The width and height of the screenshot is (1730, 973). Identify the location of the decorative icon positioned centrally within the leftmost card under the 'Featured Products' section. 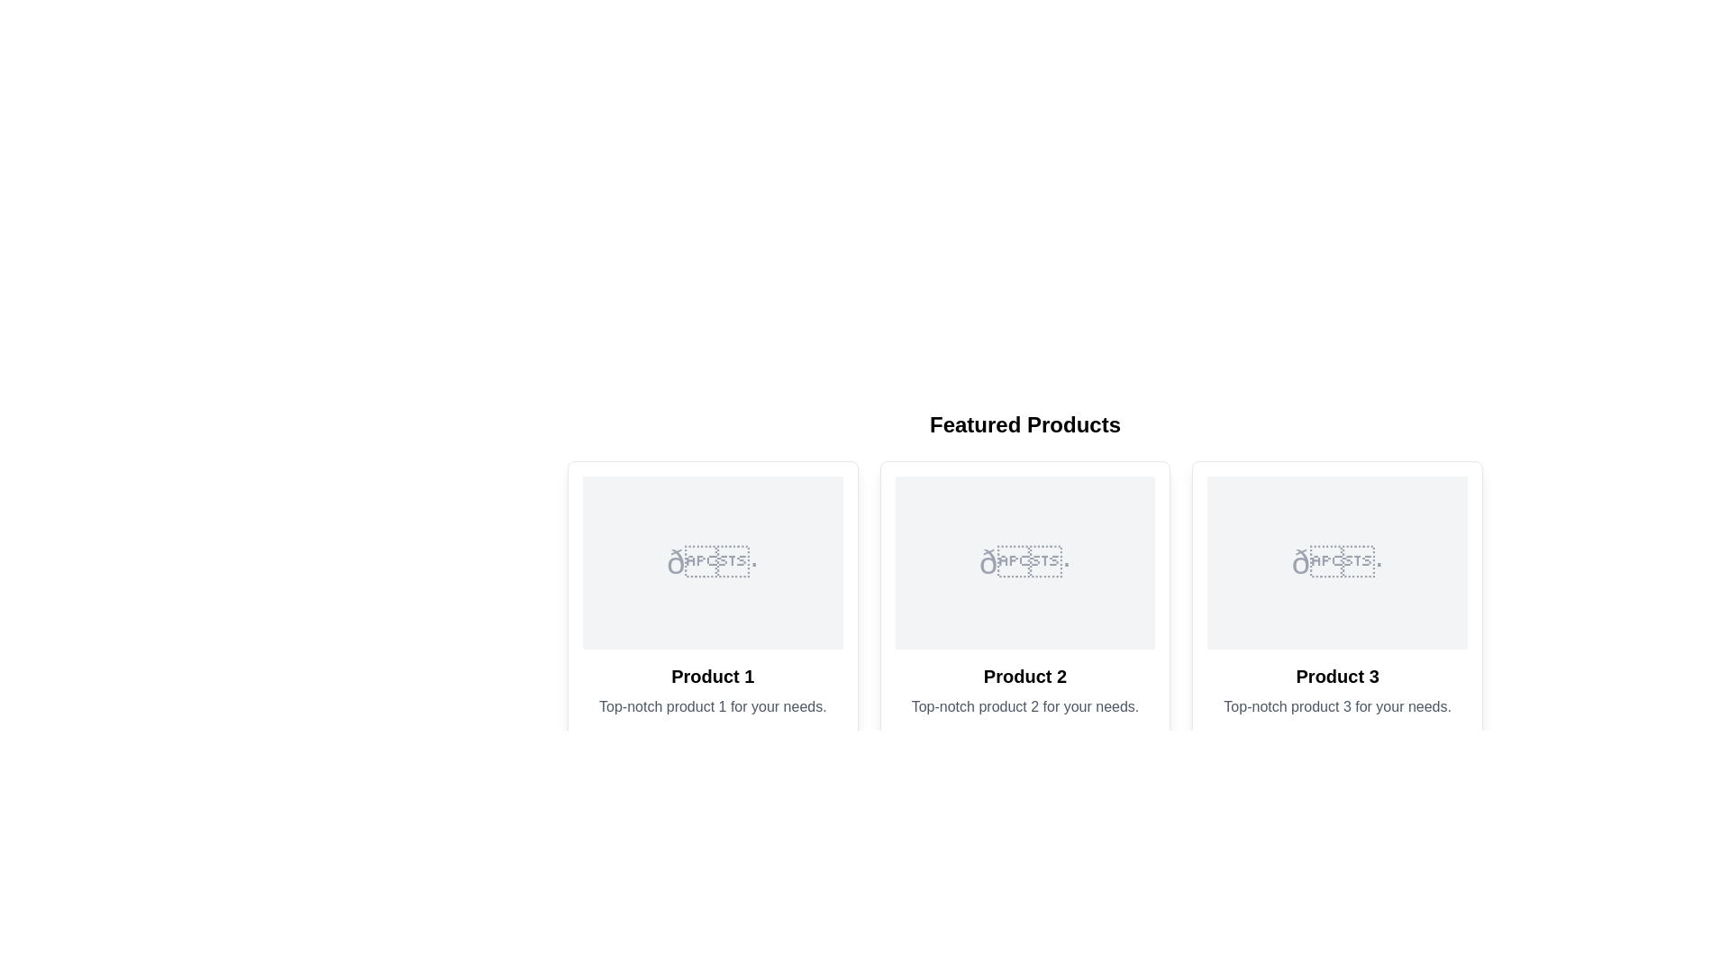
(712, 561).